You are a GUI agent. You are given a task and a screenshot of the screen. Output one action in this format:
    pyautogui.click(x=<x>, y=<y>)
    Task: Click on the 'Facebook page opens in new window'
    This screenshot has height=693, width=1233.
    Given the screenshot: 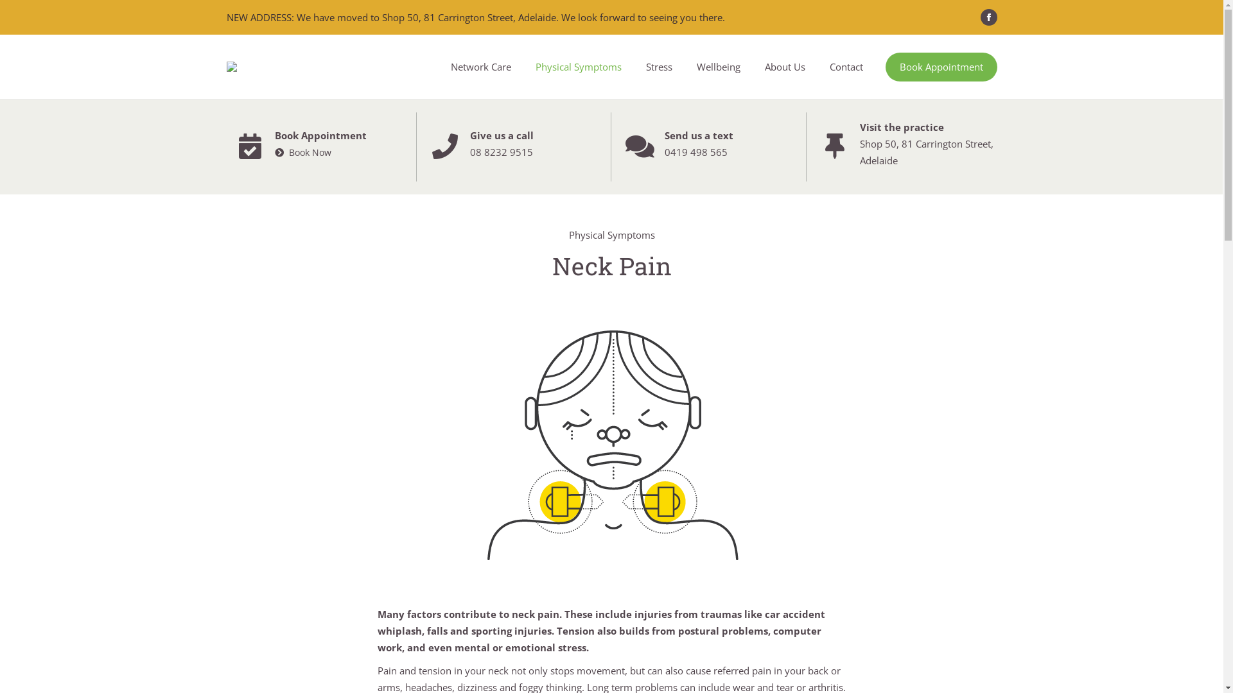 What is the action you would take?
    pyautogui.click(x=979, y=17)
    